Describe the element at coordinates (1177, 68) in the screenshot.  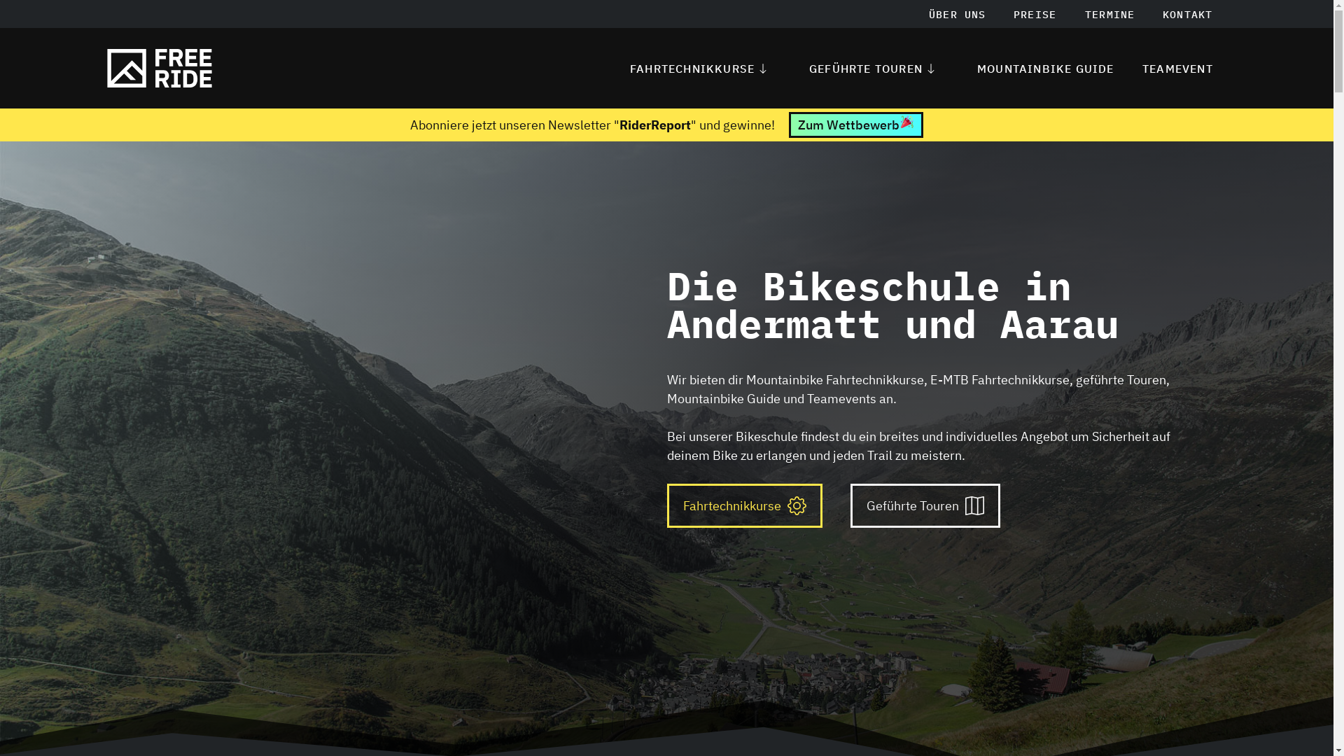
I see `'TEAMEVENT'` at that location.